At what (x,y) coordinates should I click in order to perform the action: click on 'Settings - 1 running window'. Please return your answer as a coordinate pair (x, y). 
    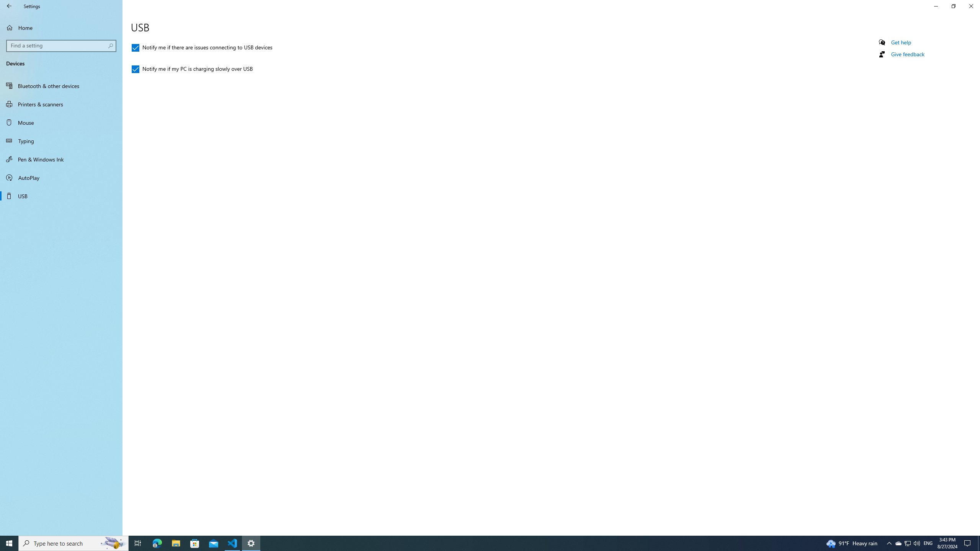
    Looking at the image, I should click on (251, 543).